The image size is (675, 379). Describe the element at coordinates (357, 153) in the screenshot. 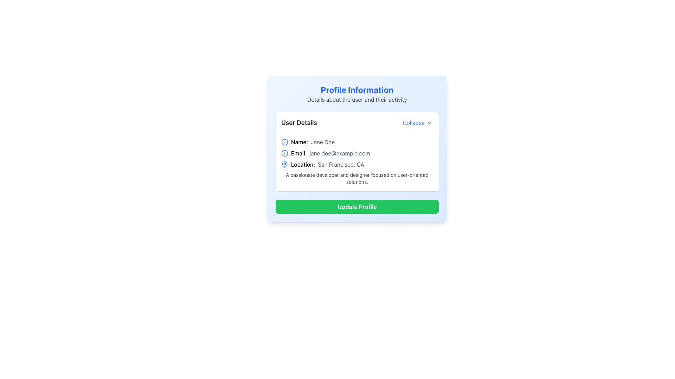

I see `the Text Display with Icon that shows the email address 'Email: jane.doe@example.com' with a blue circular icon preceding it` at that location.